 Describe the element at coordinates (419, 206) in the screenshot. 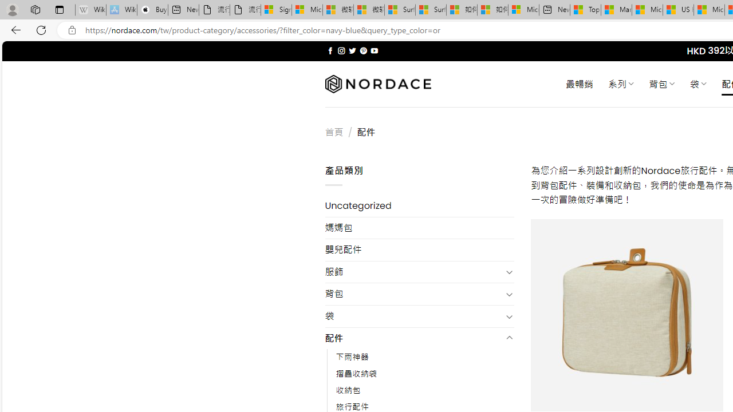

I see `'Uncategorized'` at that location.